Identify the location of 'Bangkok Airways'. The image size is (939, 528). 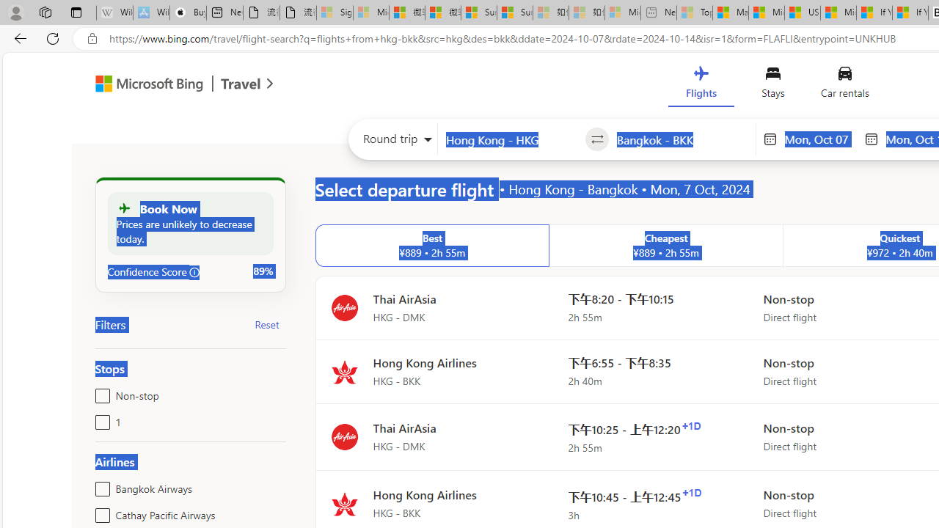
(99, 486).